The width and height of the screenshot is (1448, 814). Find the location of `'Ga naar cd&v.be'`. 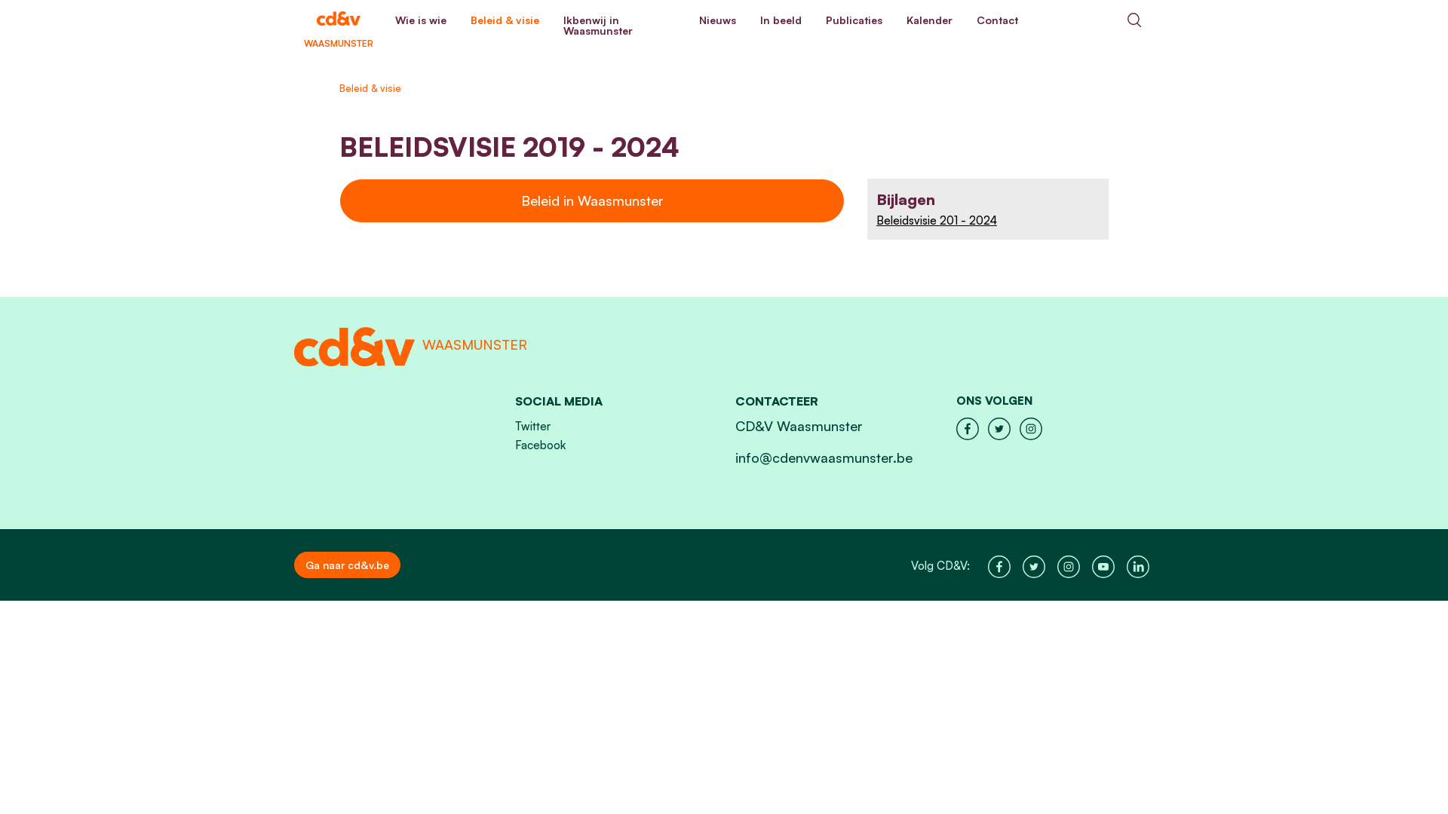

'Ga naar cd&v.be' is located at coordinates (293, 565).